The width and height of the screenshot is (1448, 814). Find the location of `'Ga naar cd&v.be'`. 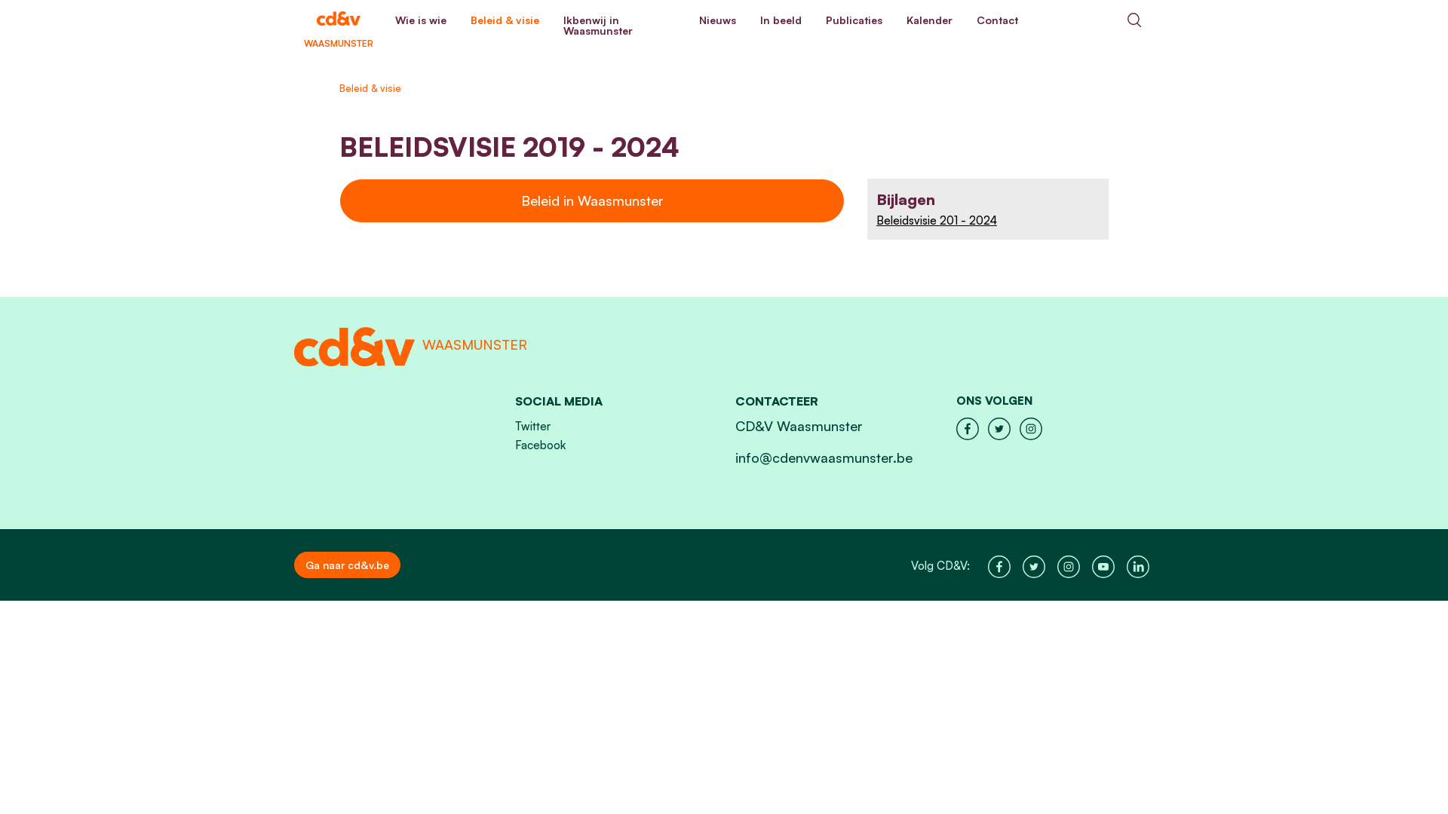

'Ga naar cd&v.be' is located at coordinates (293, 565).